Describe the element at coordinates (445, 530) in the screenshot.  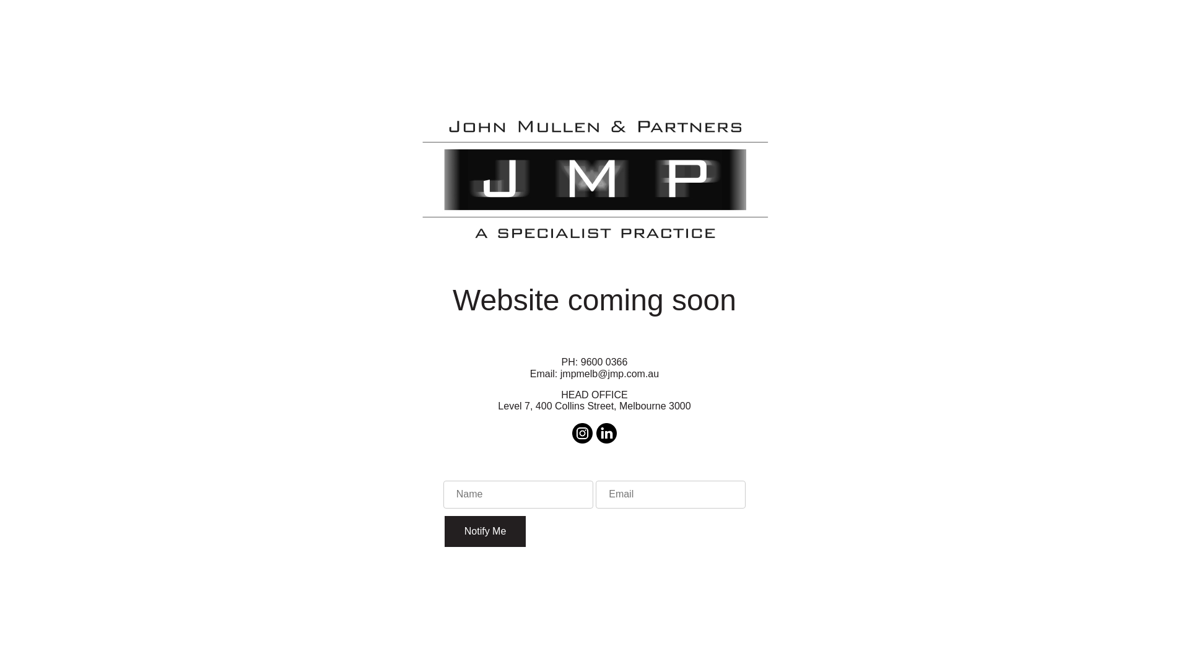
I see `'Notify Me'` at that location.